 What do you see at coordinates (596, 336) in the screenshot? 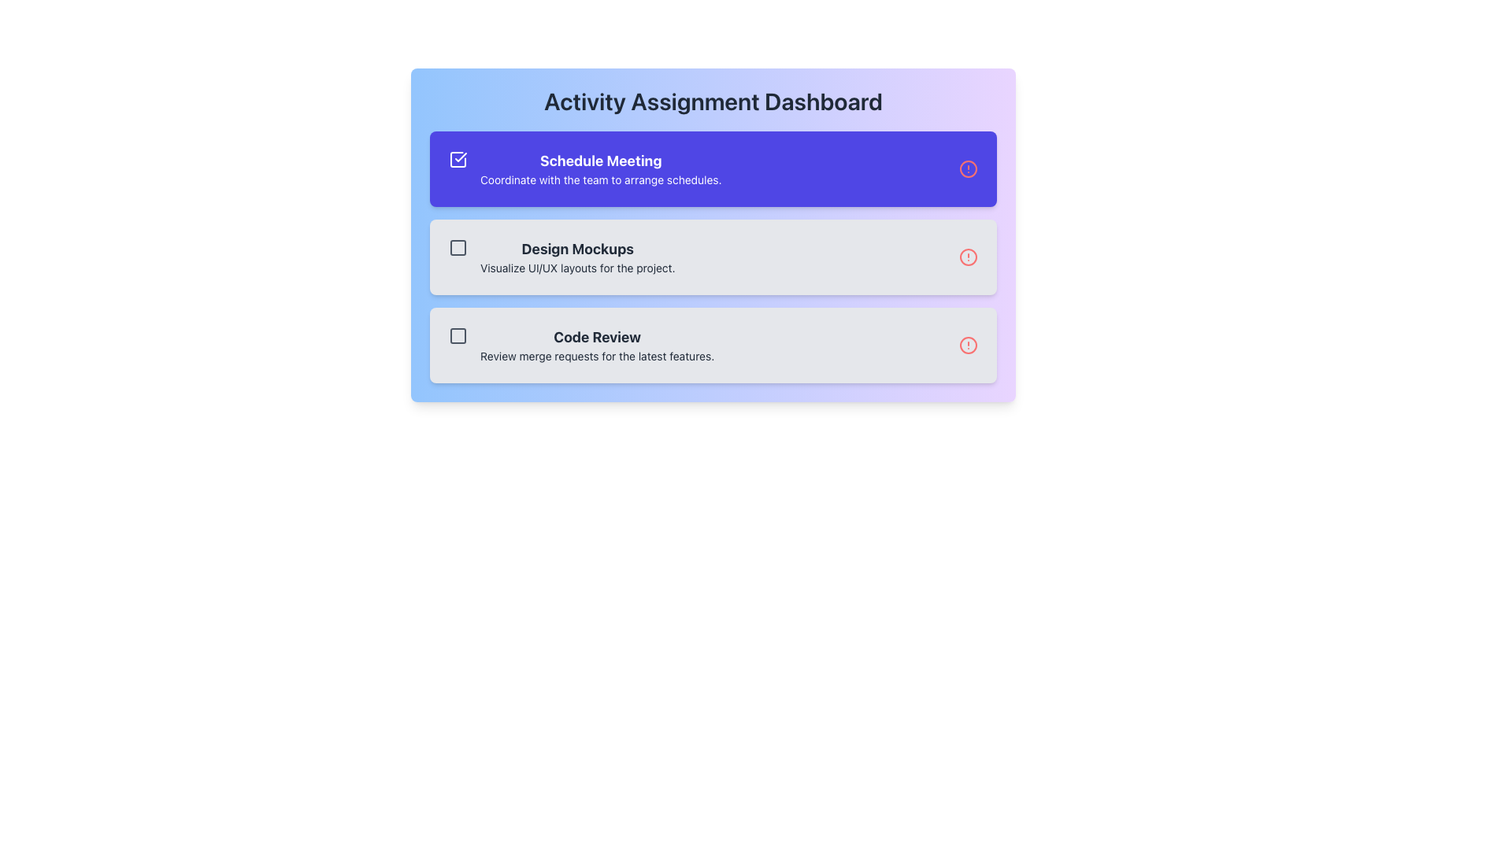
I see `the bold text label 'Code Review' that serves as a primary title in the section for reviewing merge requests` at bounding box center [596, 336].